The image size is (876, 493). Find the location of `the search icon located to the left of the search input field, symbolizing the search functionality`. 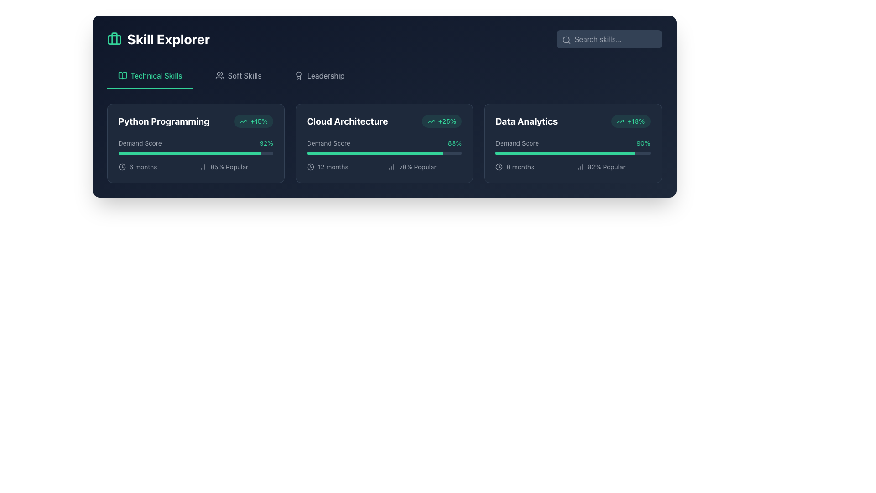

the search icon located to the left of the search input field, symbolizing the search functionality is located at coordinates (566, 40).